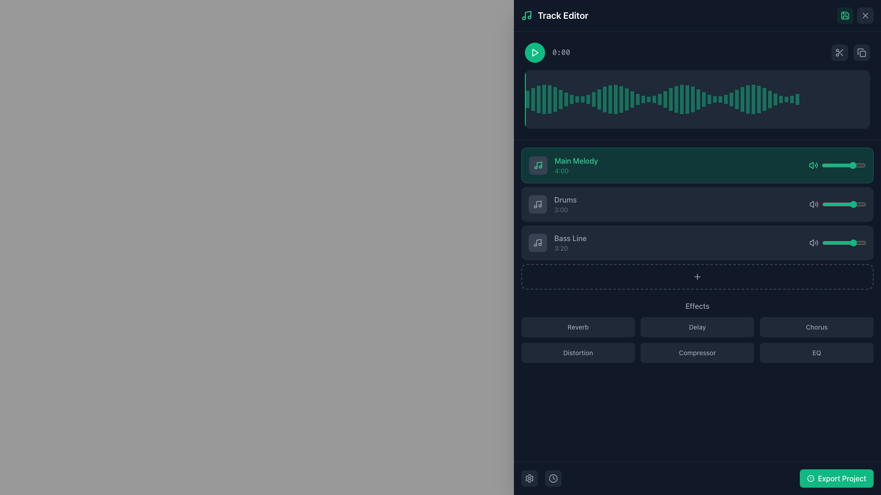 The height and width of the screenshot is (495, 881). Describe the element at coordinates (539, 99) in the screenshot. I see `the third bar from the left in the waveform display that visually indicates sound intensity at its corresponding position in time` at that location.